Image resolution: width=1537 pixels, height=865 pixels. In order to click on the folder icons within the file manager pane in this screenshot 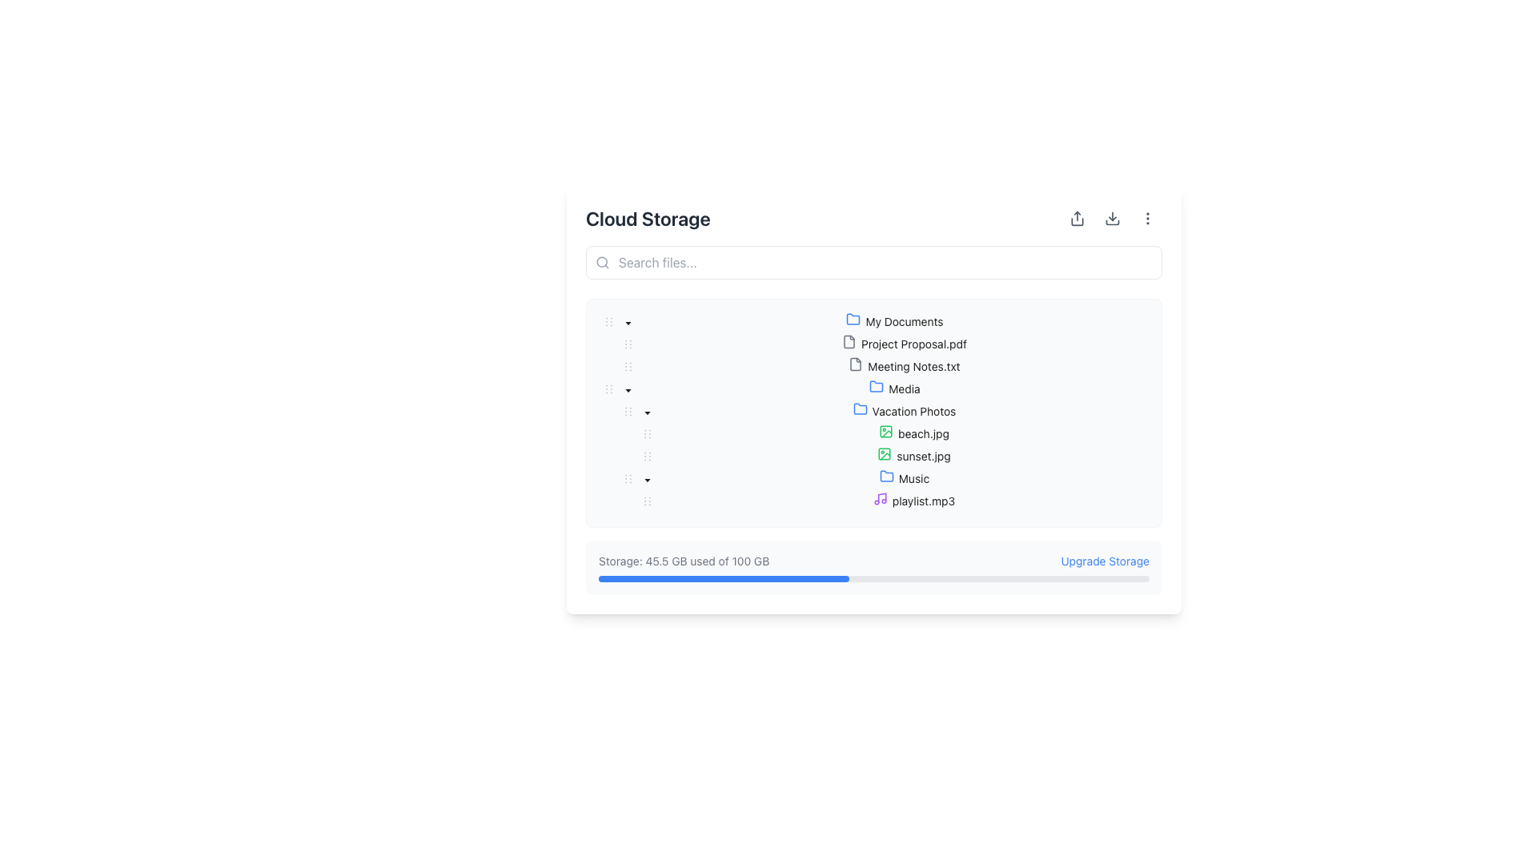, I will do `click(873, 398)`.